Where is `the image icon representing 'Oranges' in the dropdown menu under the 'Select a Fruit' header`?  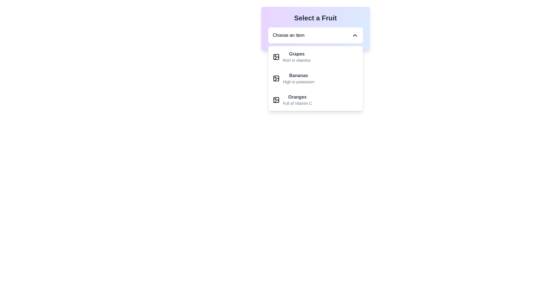
the image icon representing 'Oranges' in the dropdown menu under the 'Select a Fruit' header is located at coordinates (276, 101).